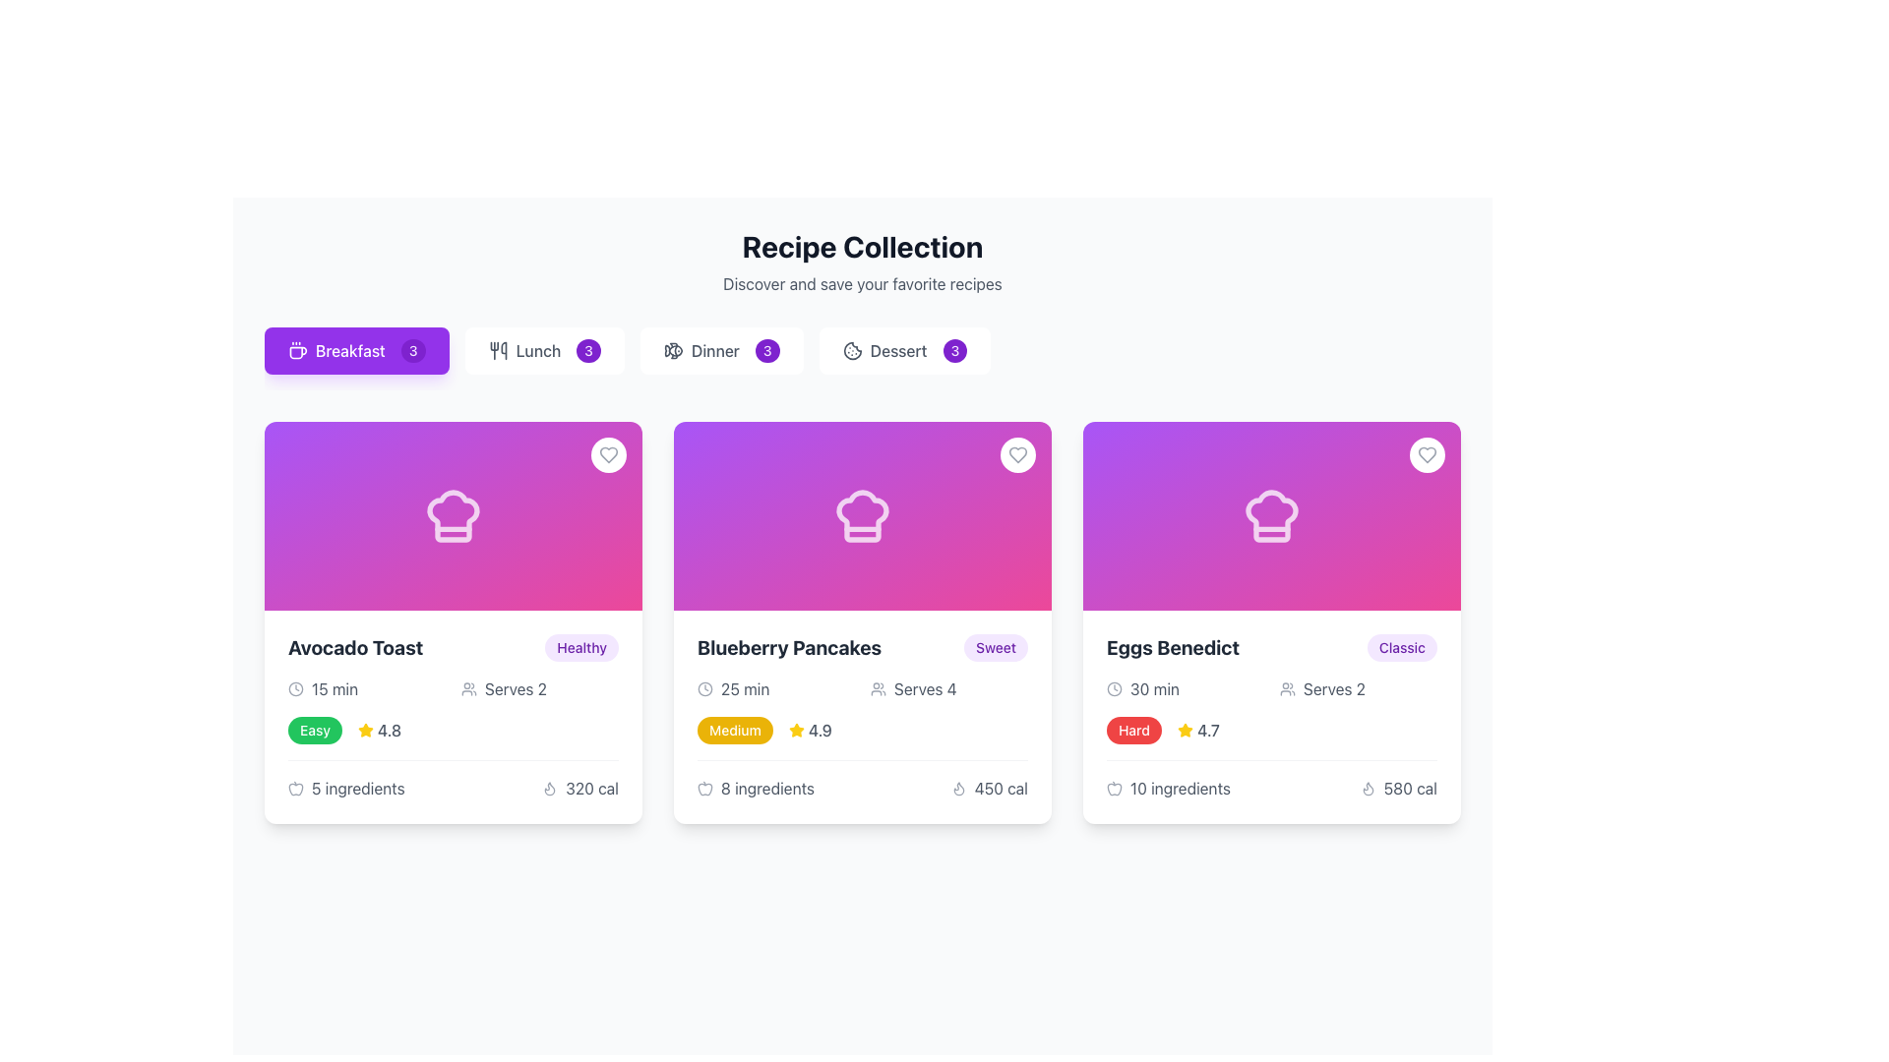 Image resolution: width=1889 pixels, height=1062 pixels. What do you see at coordinates (863, 688) in the screenshot?
I see `the text displaying the preparation time and number of servings for the recipe 'Blueberry Pancakes', located below the heading and above the difficulty label` at bounding box center [863, 688].